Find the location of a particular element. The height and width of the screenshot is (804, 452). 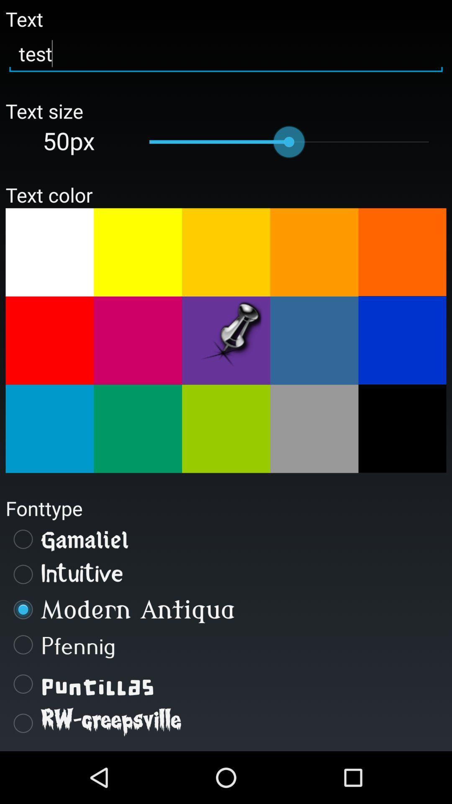

orange text color is located at coordinates (314, 252).